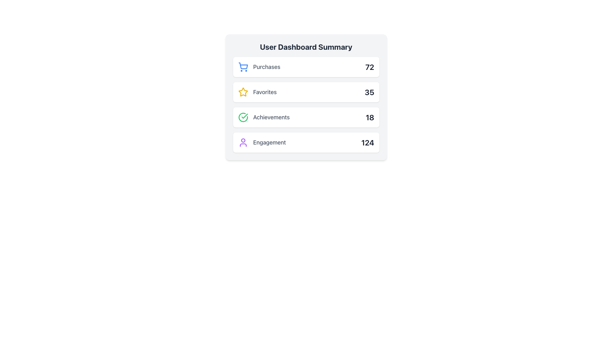 This screenshot has height=340, width=605. What do you see at coordinates (243, 140) in the screenshot?
I see `the circular graphical component representing the user profile, located at the upper part of the user icon next to the Engagement label` at bounding box center [243, 140].